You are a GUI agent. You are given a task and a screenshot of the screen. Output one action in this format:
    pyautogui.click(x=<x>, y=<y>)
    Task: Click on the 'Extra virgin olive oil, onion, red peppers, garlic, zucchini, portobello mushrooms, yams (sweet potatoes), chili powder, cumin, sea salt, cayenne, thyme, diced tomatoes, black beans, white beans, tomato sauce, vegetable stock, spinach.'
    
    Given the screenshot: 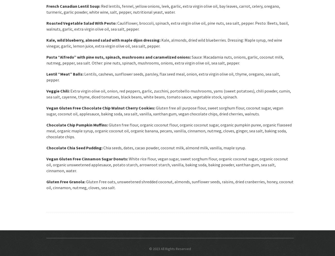 What is the action you would take?
    pyautogui.click(x=168, y=94)
    